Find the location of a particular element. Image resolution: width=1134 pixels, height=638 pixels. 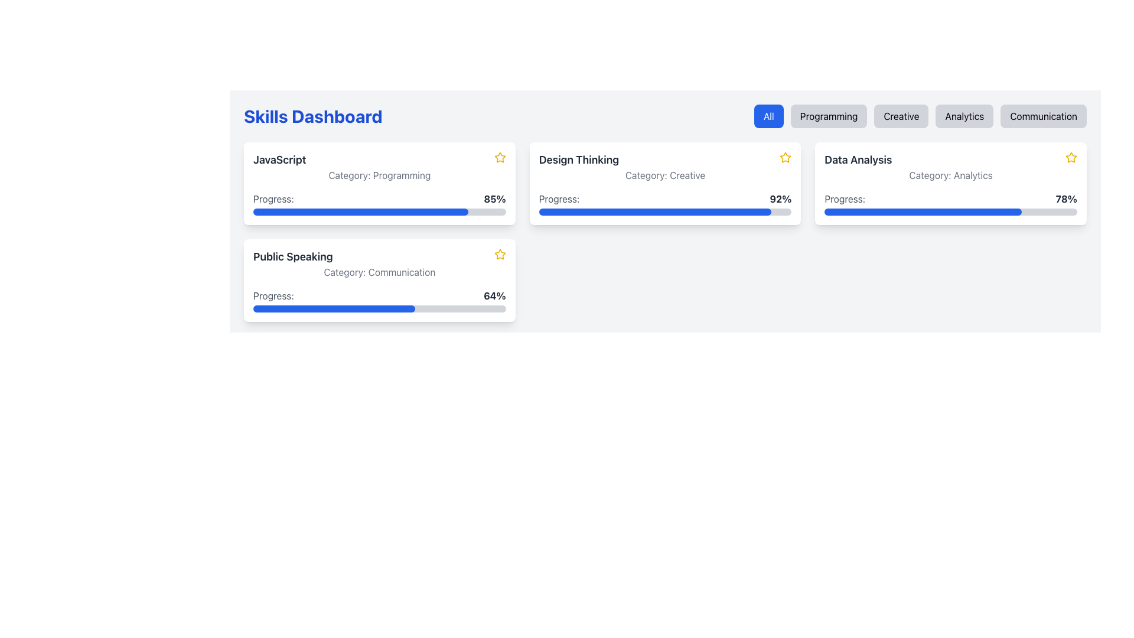

the yellow star icon located at the top-right corner of the 'Data Analysis' card is located at coordinates (786, 157).